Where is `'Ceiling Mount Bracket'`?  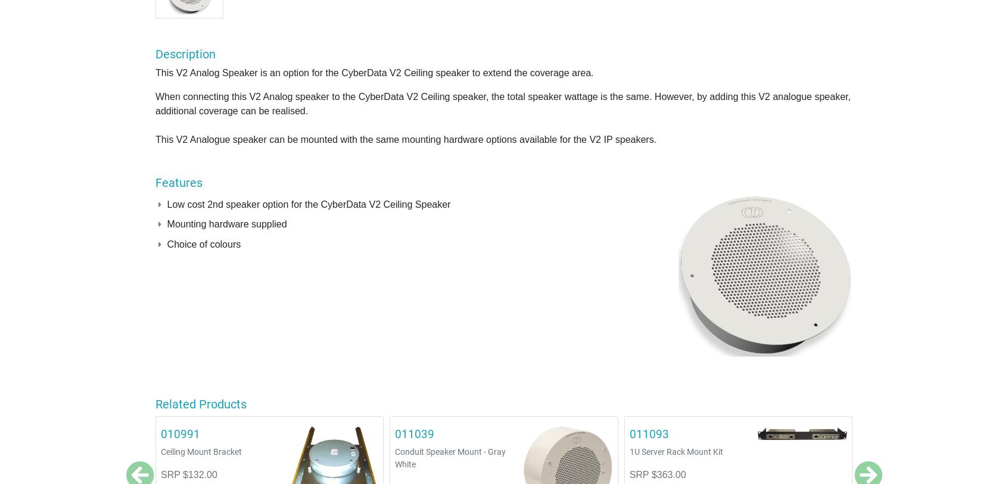
'Ceiling Mount Bracket' is located at coordinates (200, 451).